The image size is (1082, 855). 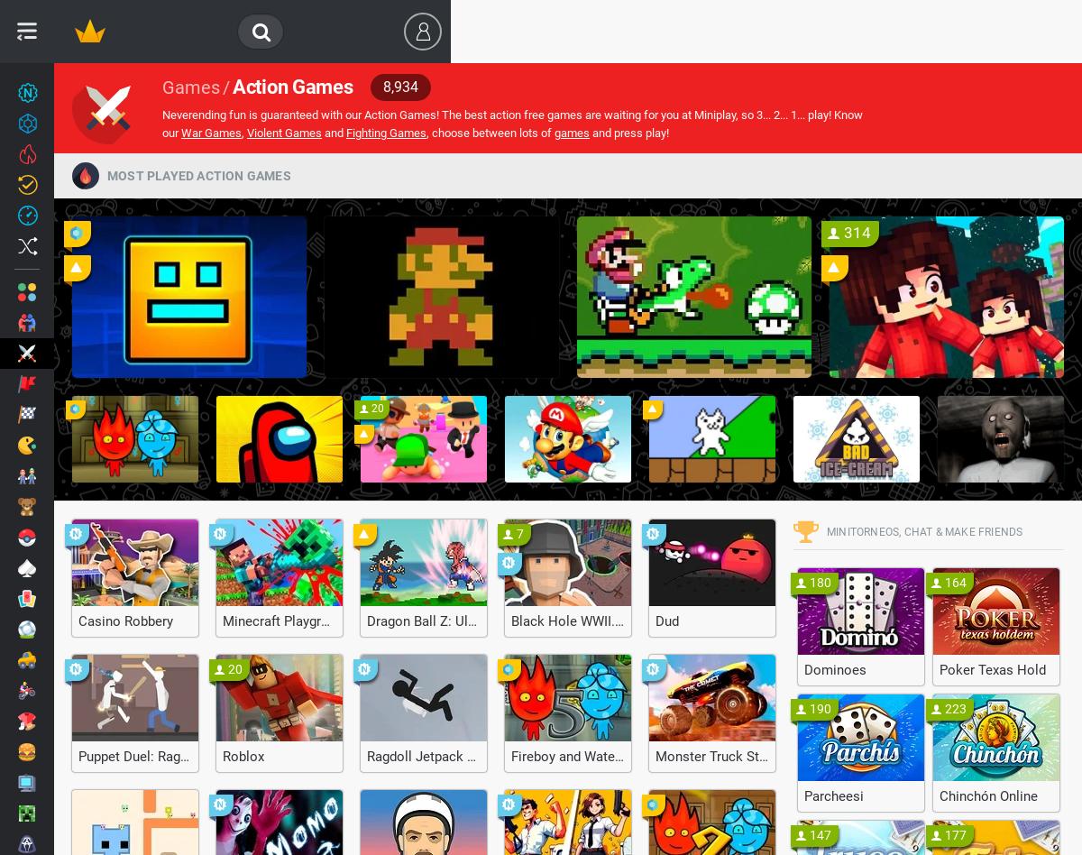 What do you see at coordinates (284, 132) in the screenshot?
I see `'Violent Games'` at bounding box center [284, 132].